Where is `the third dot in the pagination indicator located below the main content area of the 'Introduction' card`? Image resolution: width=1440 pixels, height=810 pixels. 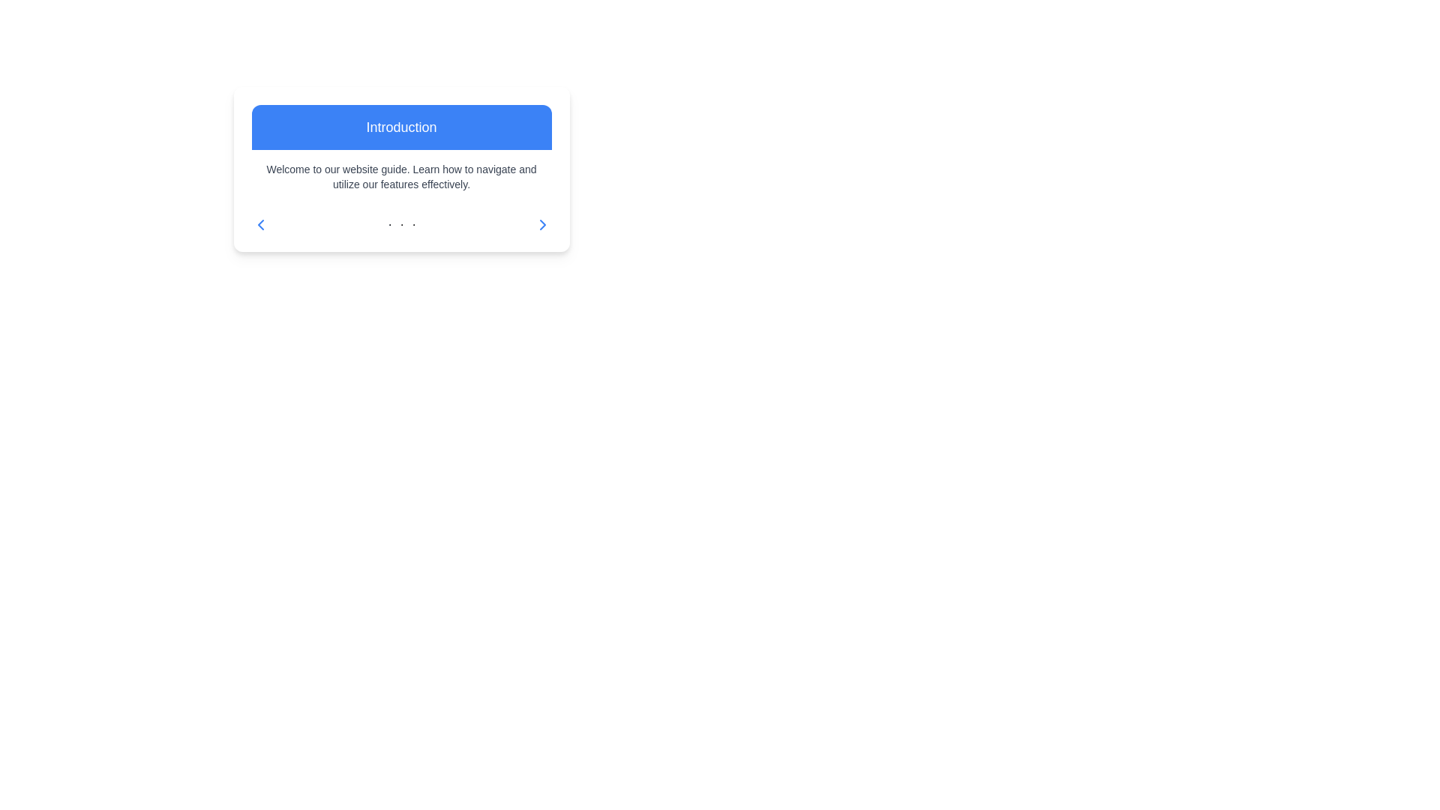 the third dot in the pagination indicator located below the main content area of the 'Introduction' card is located at coordinates (413, 225).